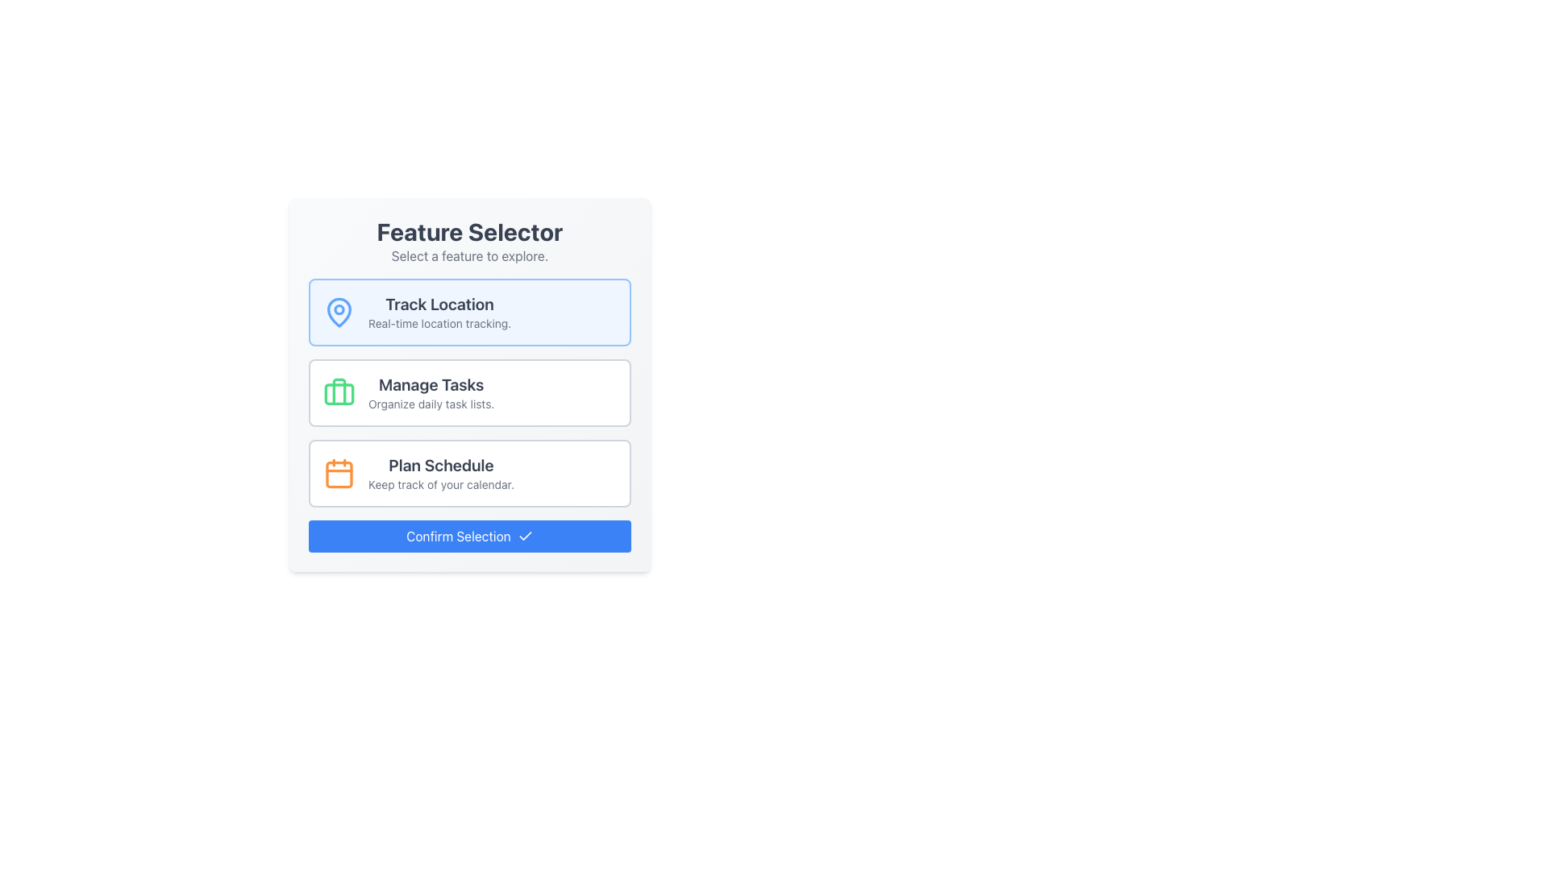 The height and width of the screenshot is (870, 1548). What do you see at coordinates (468, 536) in the screenshot?
I see `the 'Confirm Selection' button, which is a rectangular button with rounded corners, vibrant blue background, bold white text, and a checkmark icon, located at the bottom of the 'Feature Selector' panel` at bounding box center [468, 536].